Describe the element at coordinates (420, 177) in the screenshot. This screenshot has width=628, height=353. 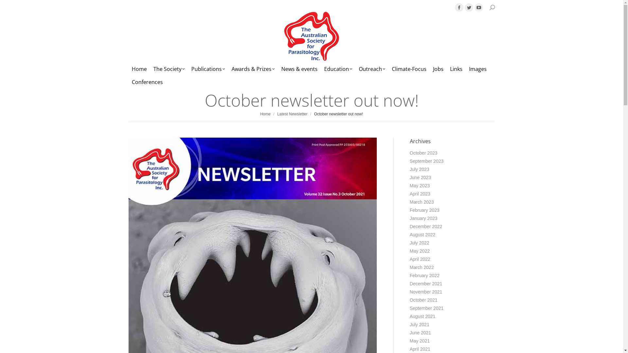
I see `'June 2023'` at that location.